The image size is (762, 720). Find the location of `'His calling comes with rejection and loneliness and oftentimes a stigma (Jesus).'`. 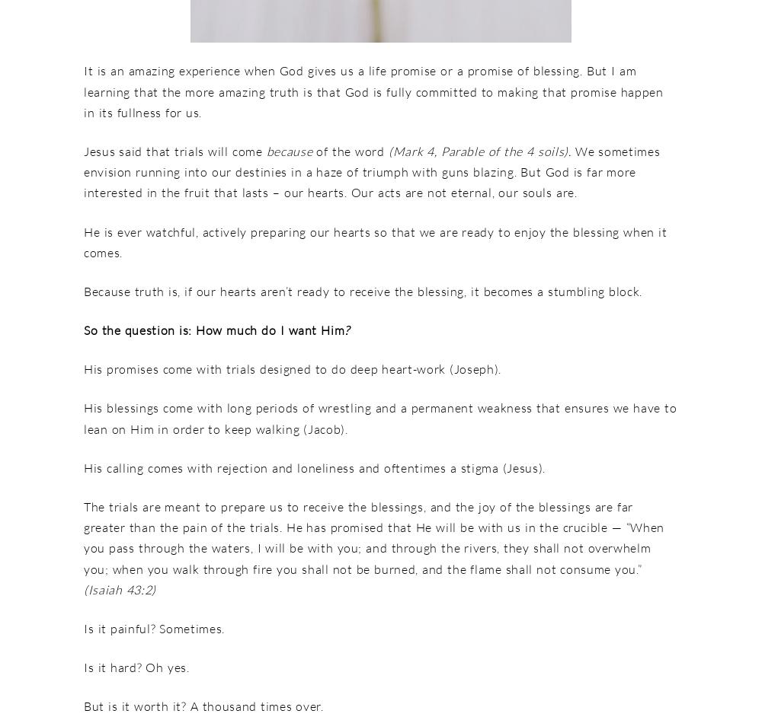

'His calling comes with rejection and loneliness and oftentimes a stigma (Jesus).' is located at coordinates (314, 466).